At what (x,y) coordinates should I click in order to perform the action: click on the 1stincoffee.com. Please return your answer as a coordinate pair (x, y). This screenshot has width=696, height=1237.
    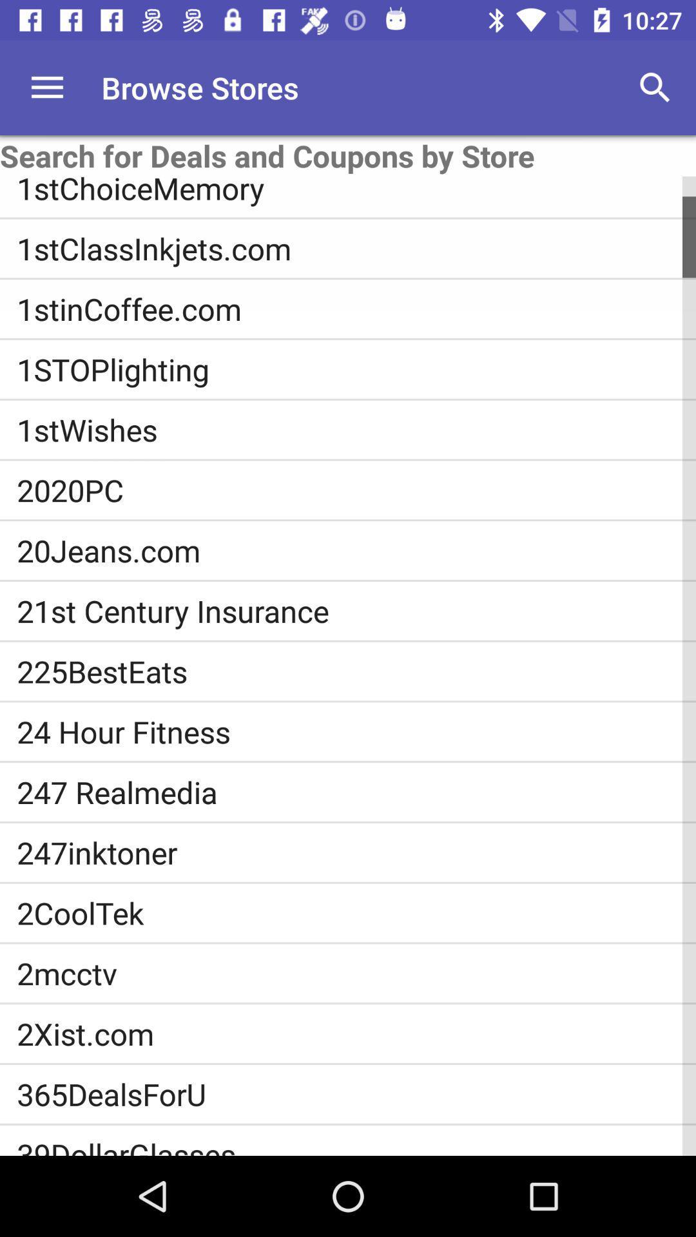
    Looking at the image, I should click on (356, 308).